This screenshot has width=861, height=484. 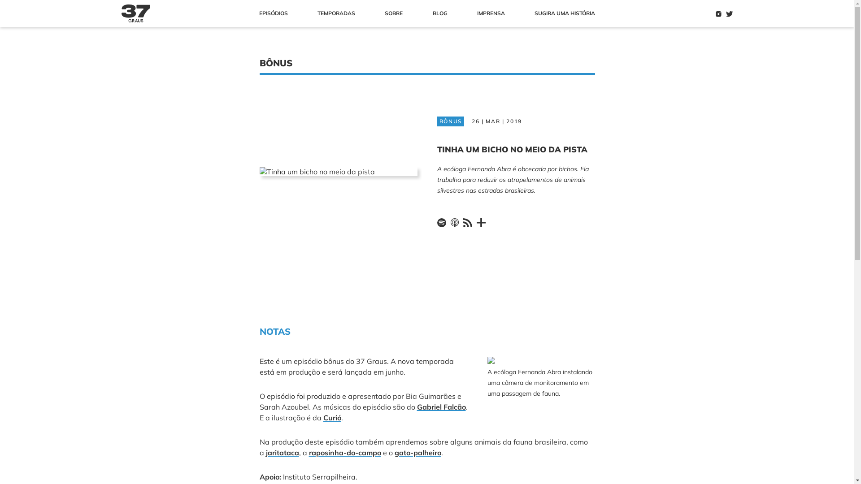 What do you see at coordinates (281, 453) in the screenshot?
I see `'jaritataca'` at bounding box center [281, 453].